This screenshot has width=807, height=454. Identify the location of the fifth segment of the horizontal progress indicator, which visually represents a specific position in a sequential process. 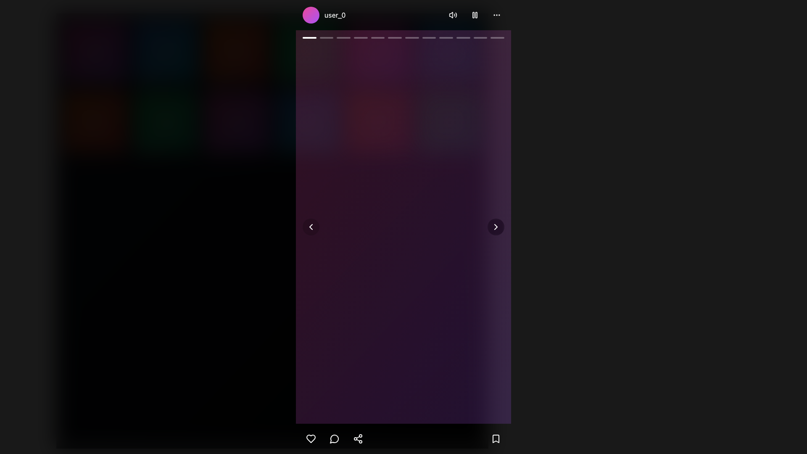
(377, 37).